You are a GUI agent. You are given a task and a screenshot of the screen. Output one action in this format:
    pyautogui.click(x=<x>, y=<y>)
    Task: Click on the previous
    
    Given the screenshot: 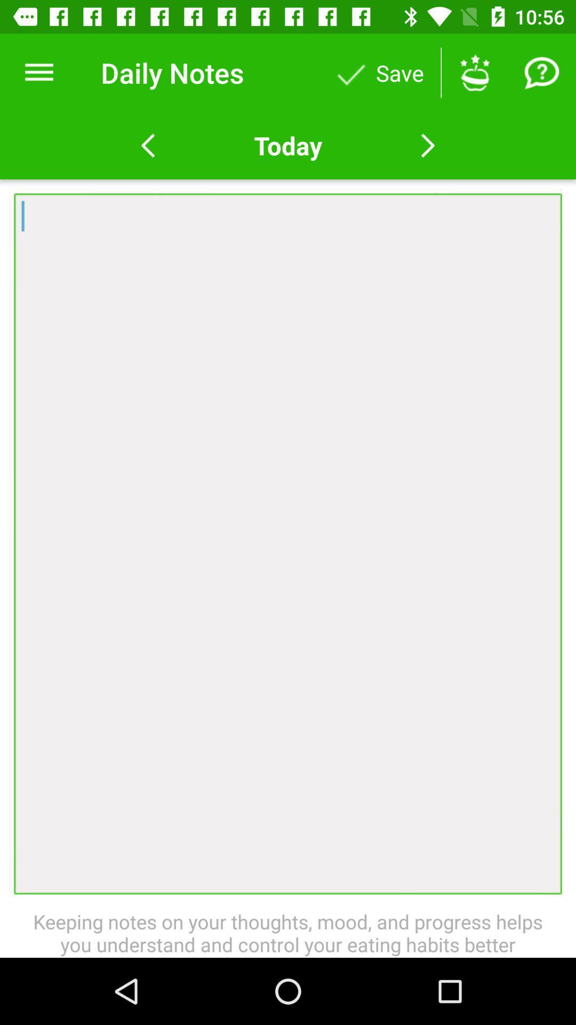 What is the action you would take?
    pyautogui.click(x=148, y=145)
    